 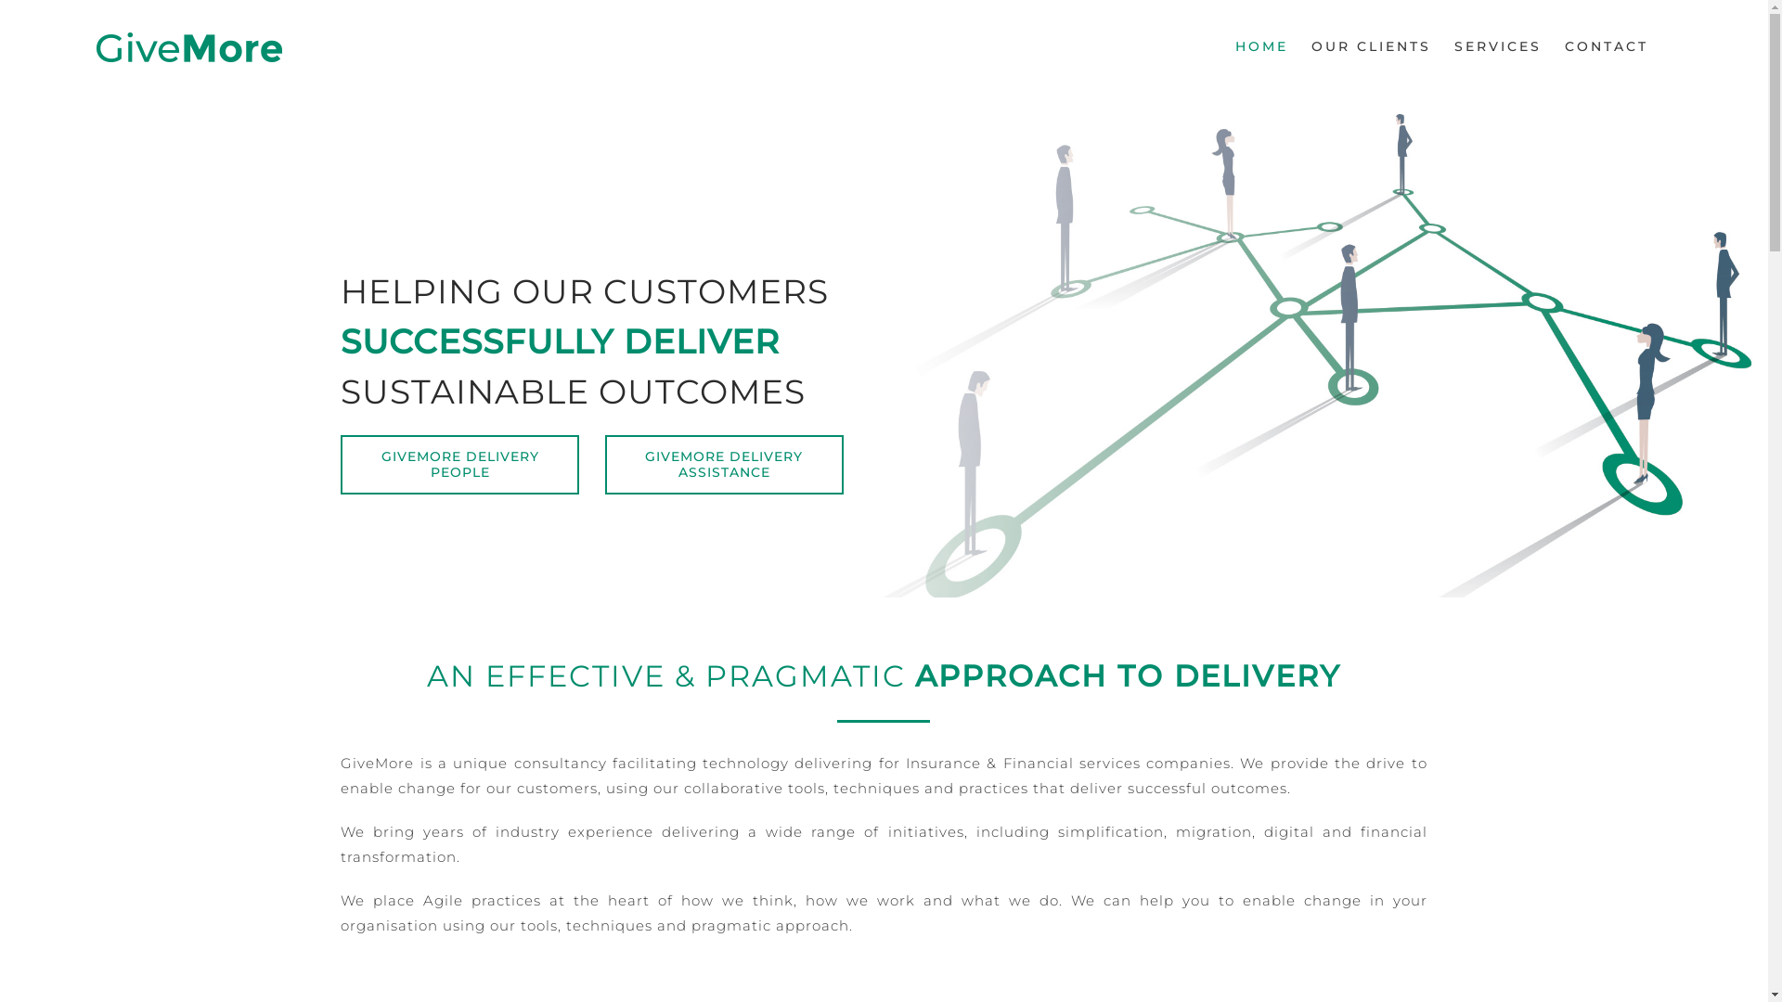 I want to click on 'CONTACT', so click(x=1606, y=45).